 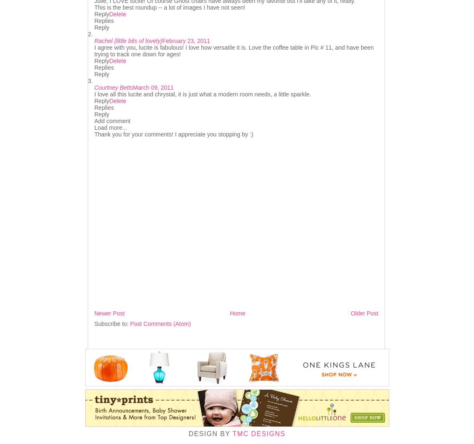 What do you see at coordinates (259, 433) in the screenshot?
I see `'TMC DESIGNS'` at bounding box center [259, 433].